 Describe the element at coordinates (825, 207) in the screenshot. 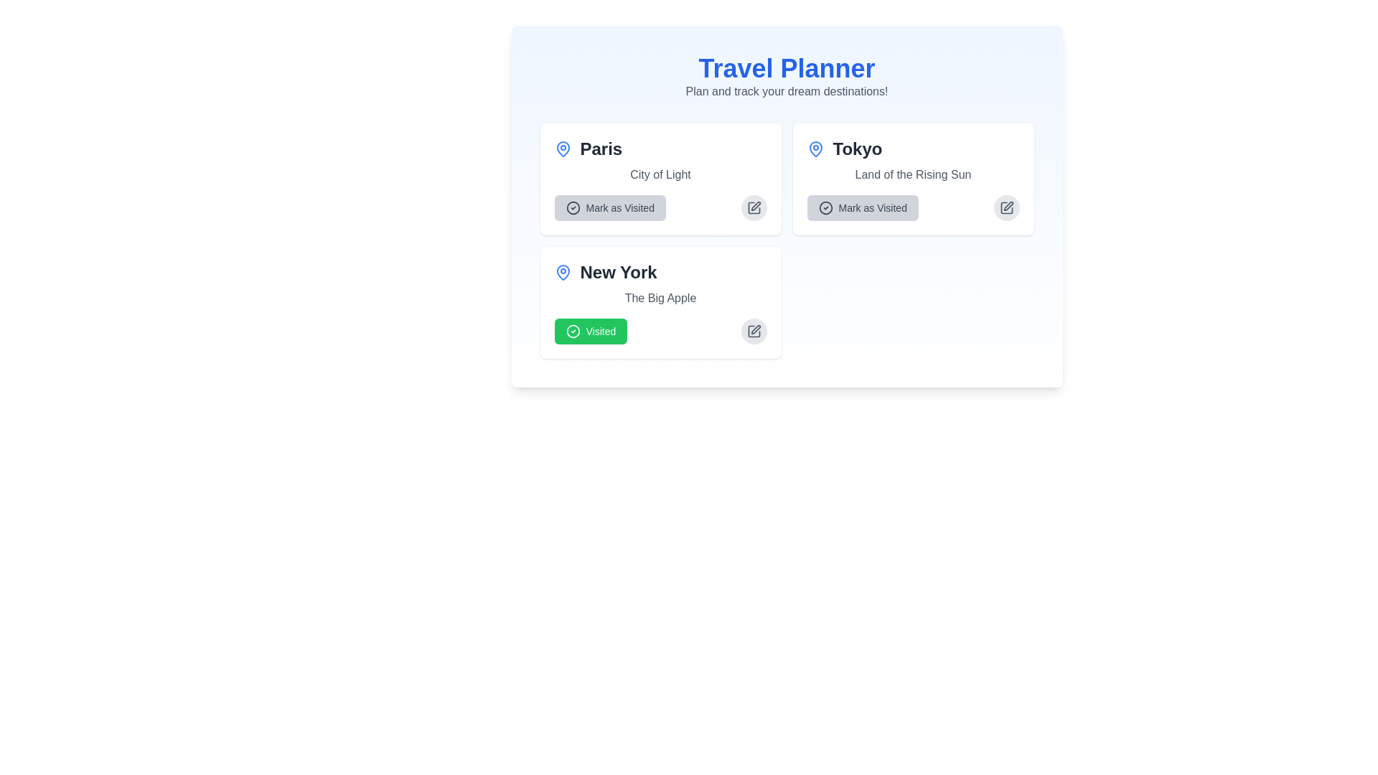

I see `the Circular vector graphic that is part of the 'Mark as Visited' button associated with 'Tokyo'` at that location.